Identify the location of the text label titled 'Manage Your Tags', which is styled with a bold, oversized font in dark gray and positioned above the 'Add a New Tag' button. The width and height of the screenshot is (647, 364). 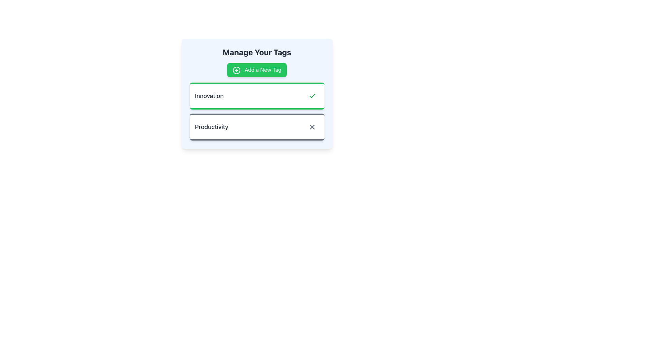
(256, 52).